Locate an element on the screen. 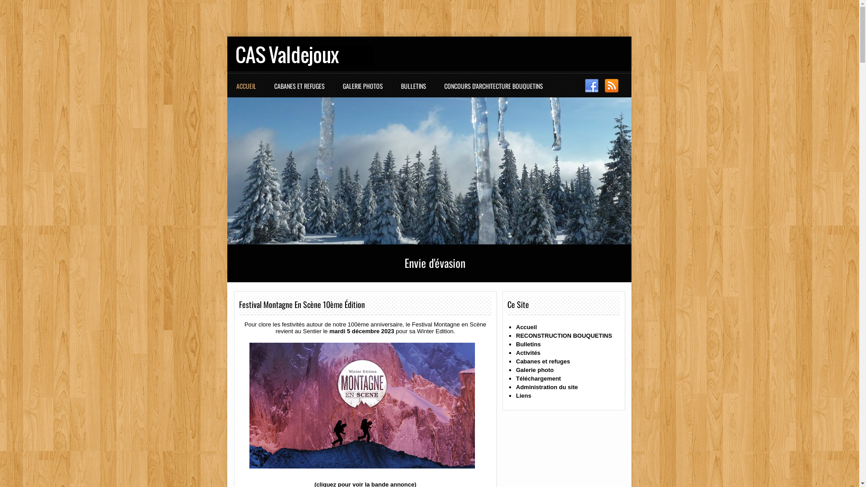 This screenshot has height=487, width=866. 'BULLETINS' is located at coordinates (415, 90).